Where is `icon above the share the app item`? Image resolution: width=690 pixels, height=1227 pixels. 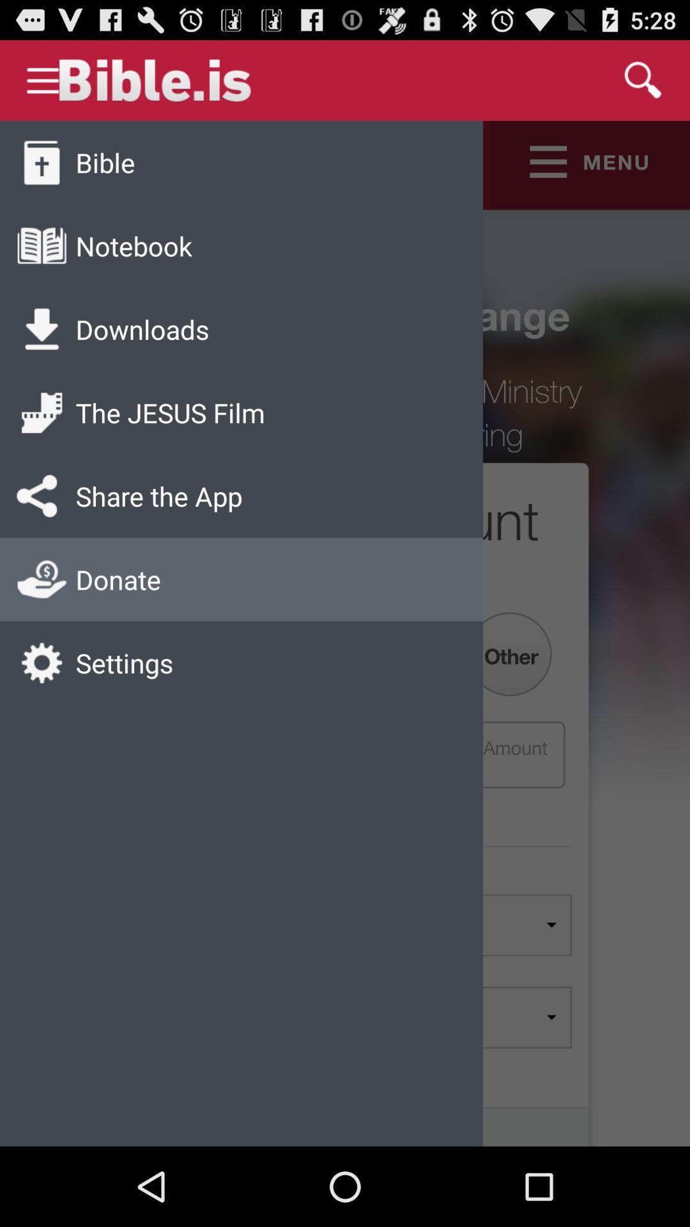
icon above the share the app item is located at coordinates (169, 412).